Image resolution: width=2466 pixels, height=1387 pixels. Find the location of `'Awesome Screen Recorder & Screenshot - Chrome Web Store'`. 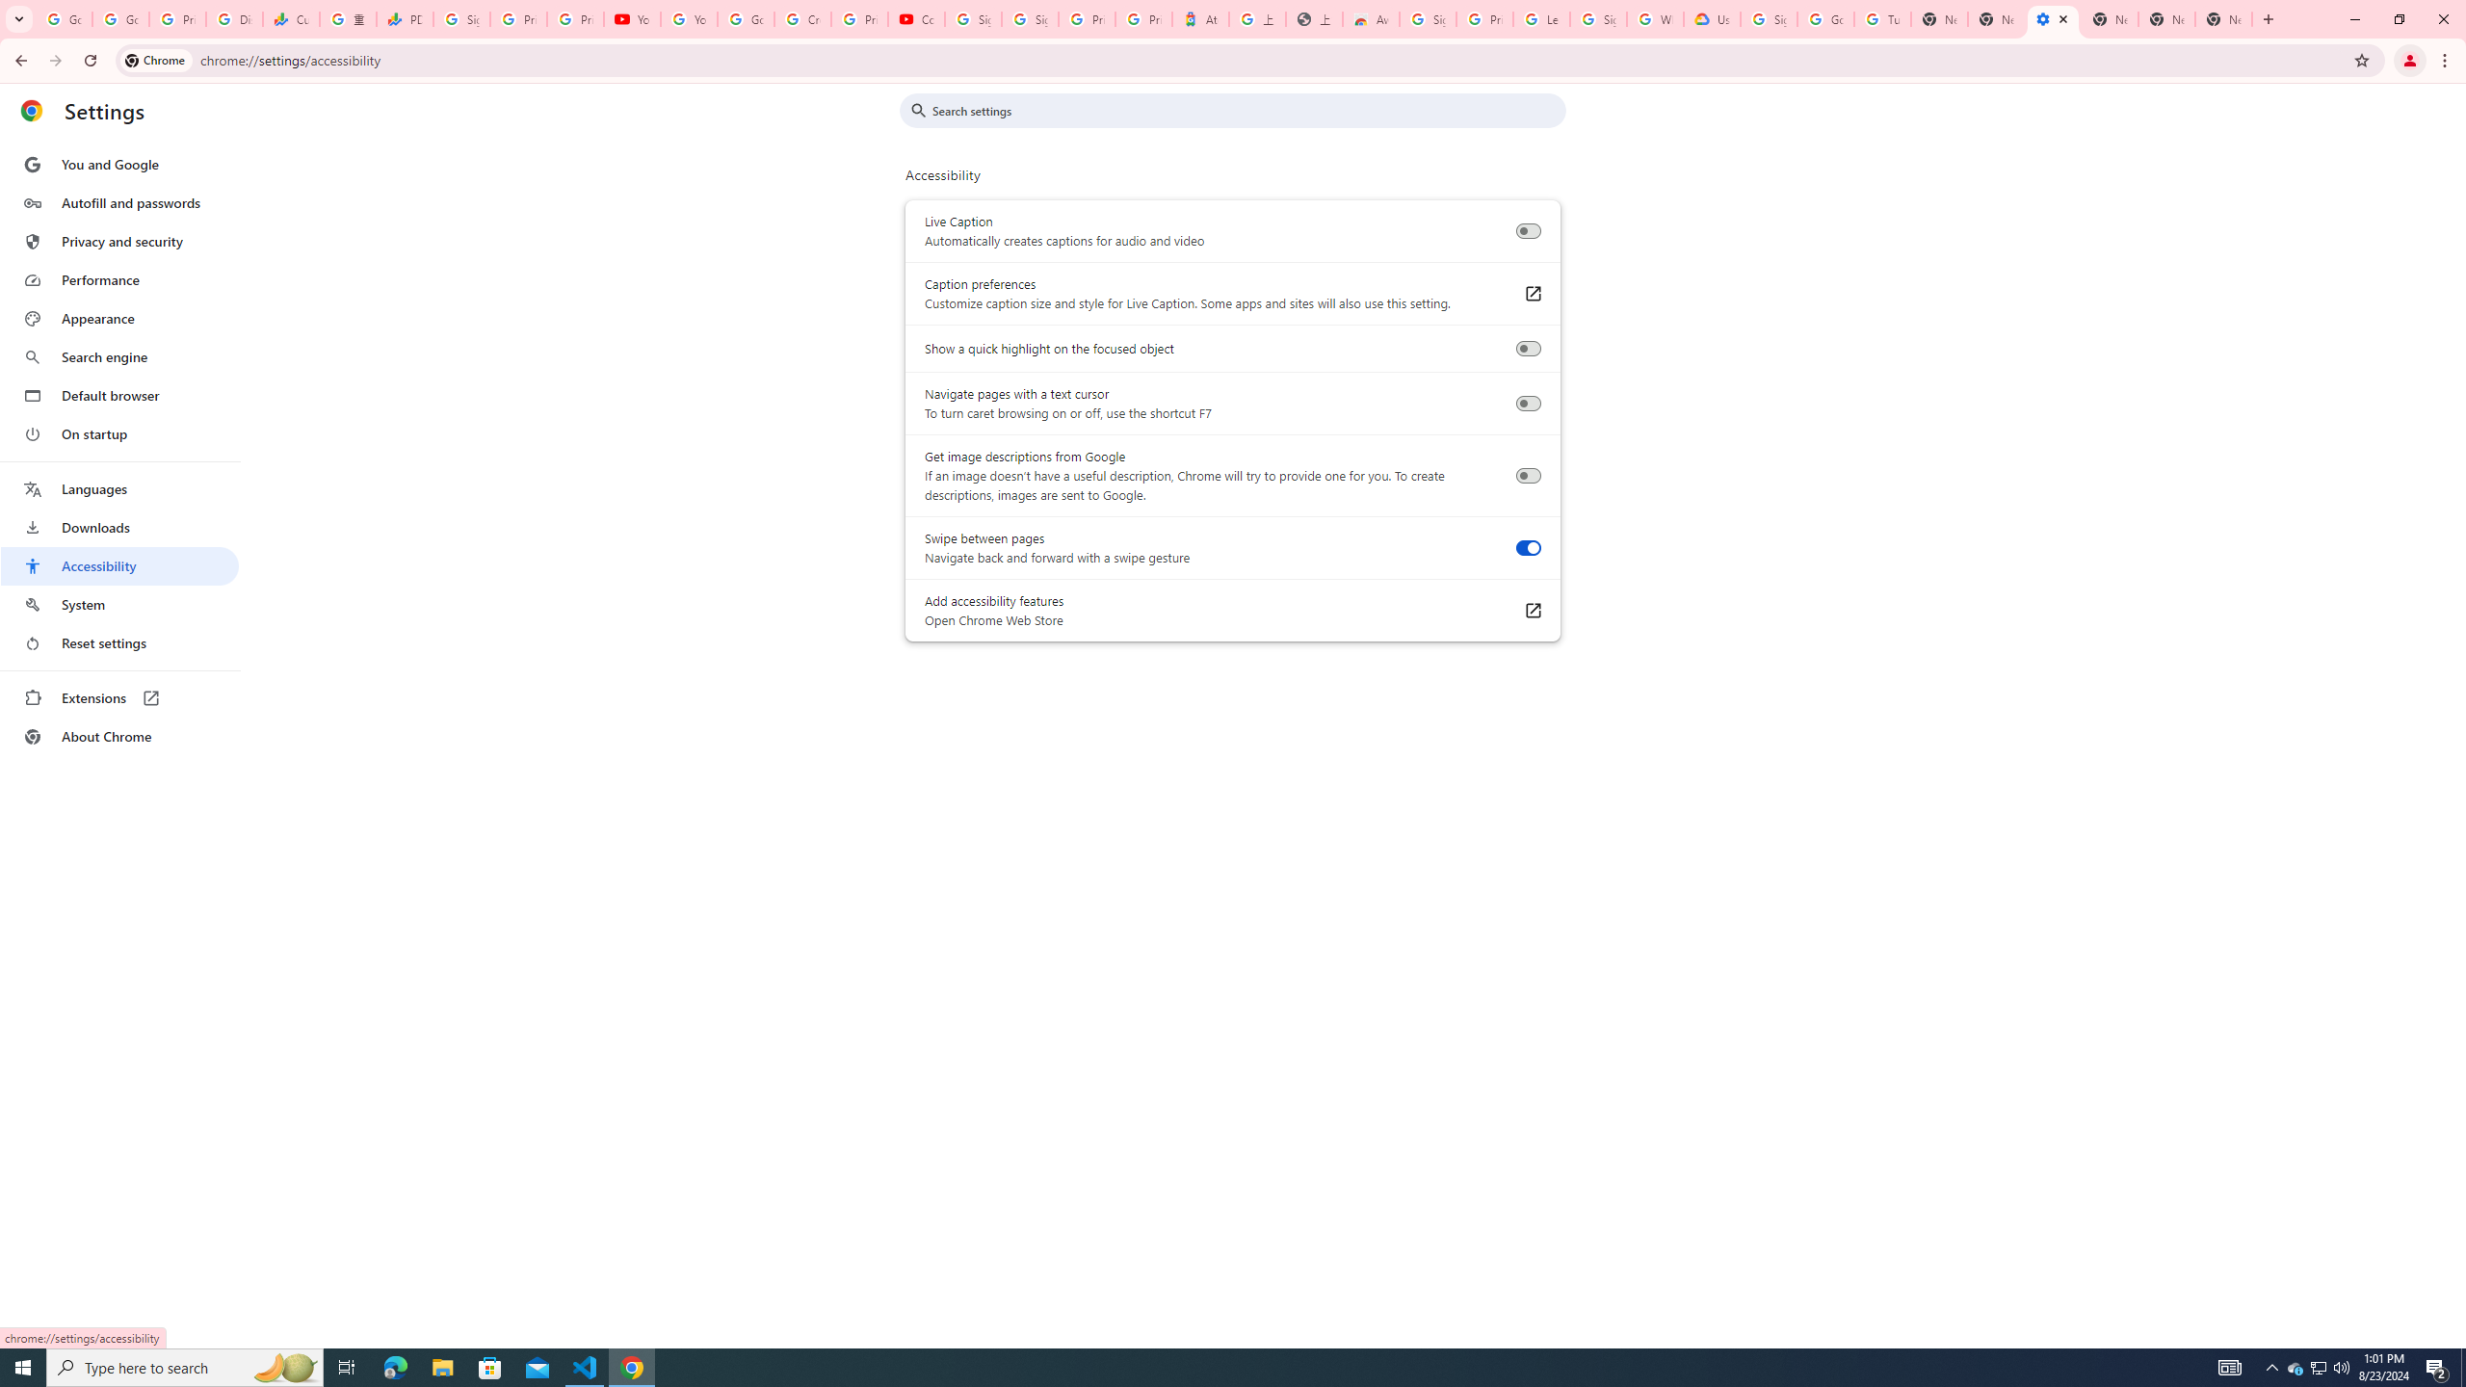

'Awesome Screen Recorder & Screenshot - Chrome Web Store' is located at coordinates (1370, 18).